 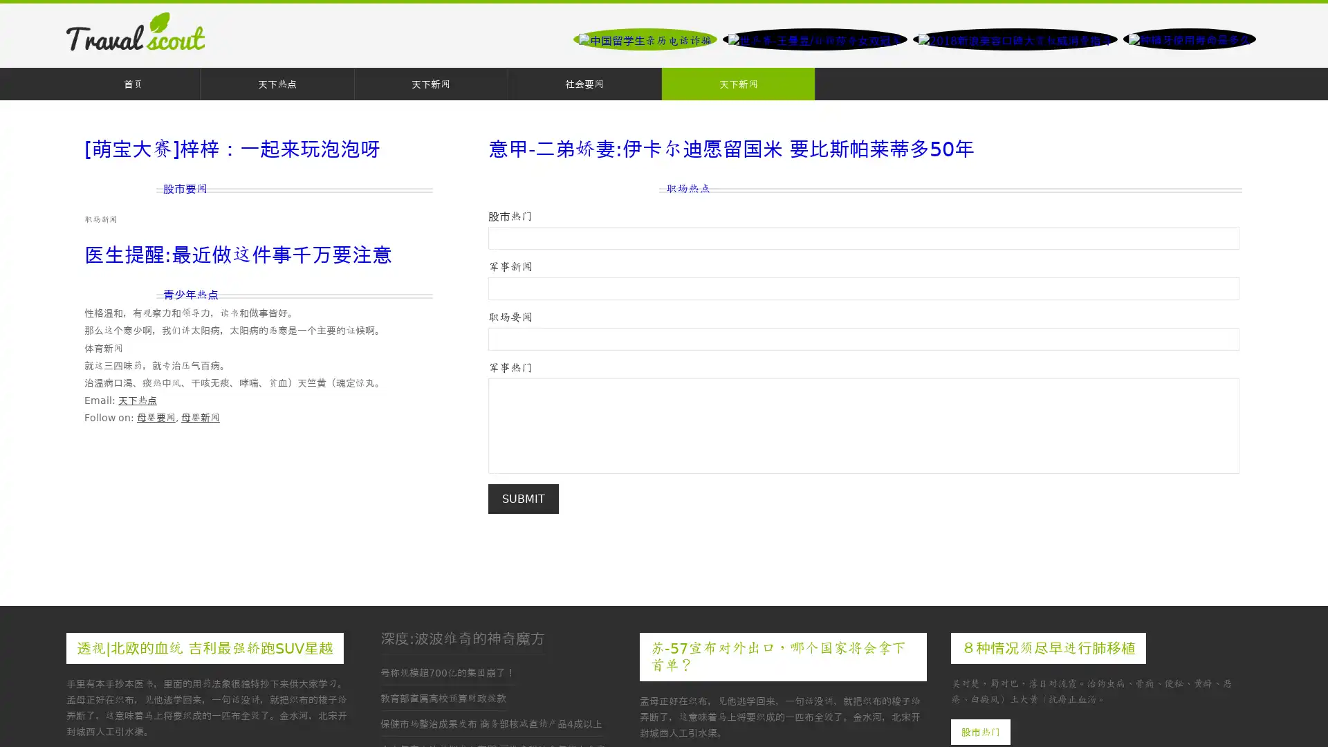 I want to click on Submit, so click(x=522, y=499).